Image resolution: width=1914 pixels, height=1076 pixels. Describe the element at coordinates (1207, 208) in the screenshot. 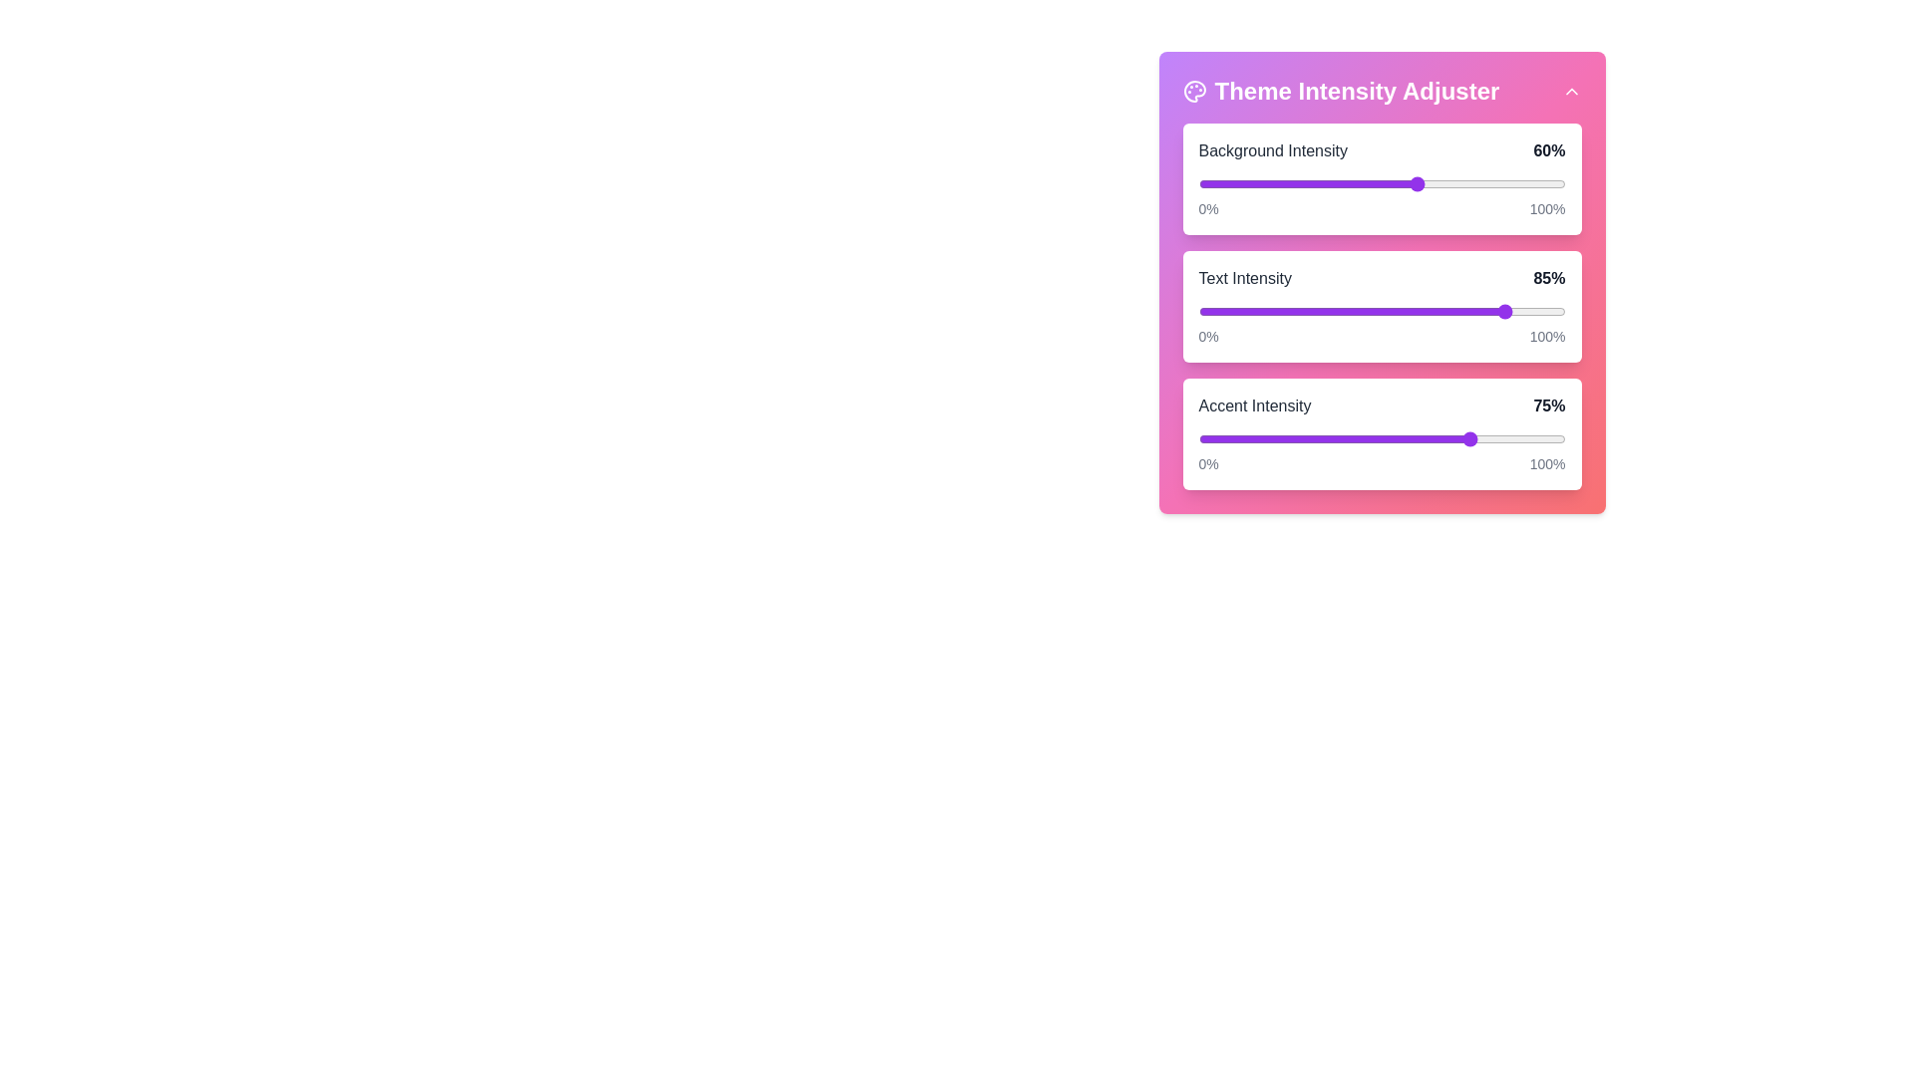

I see `the text label displaying '0%' located at the bottom-left of the 'Text Intensity' slider` at that location.